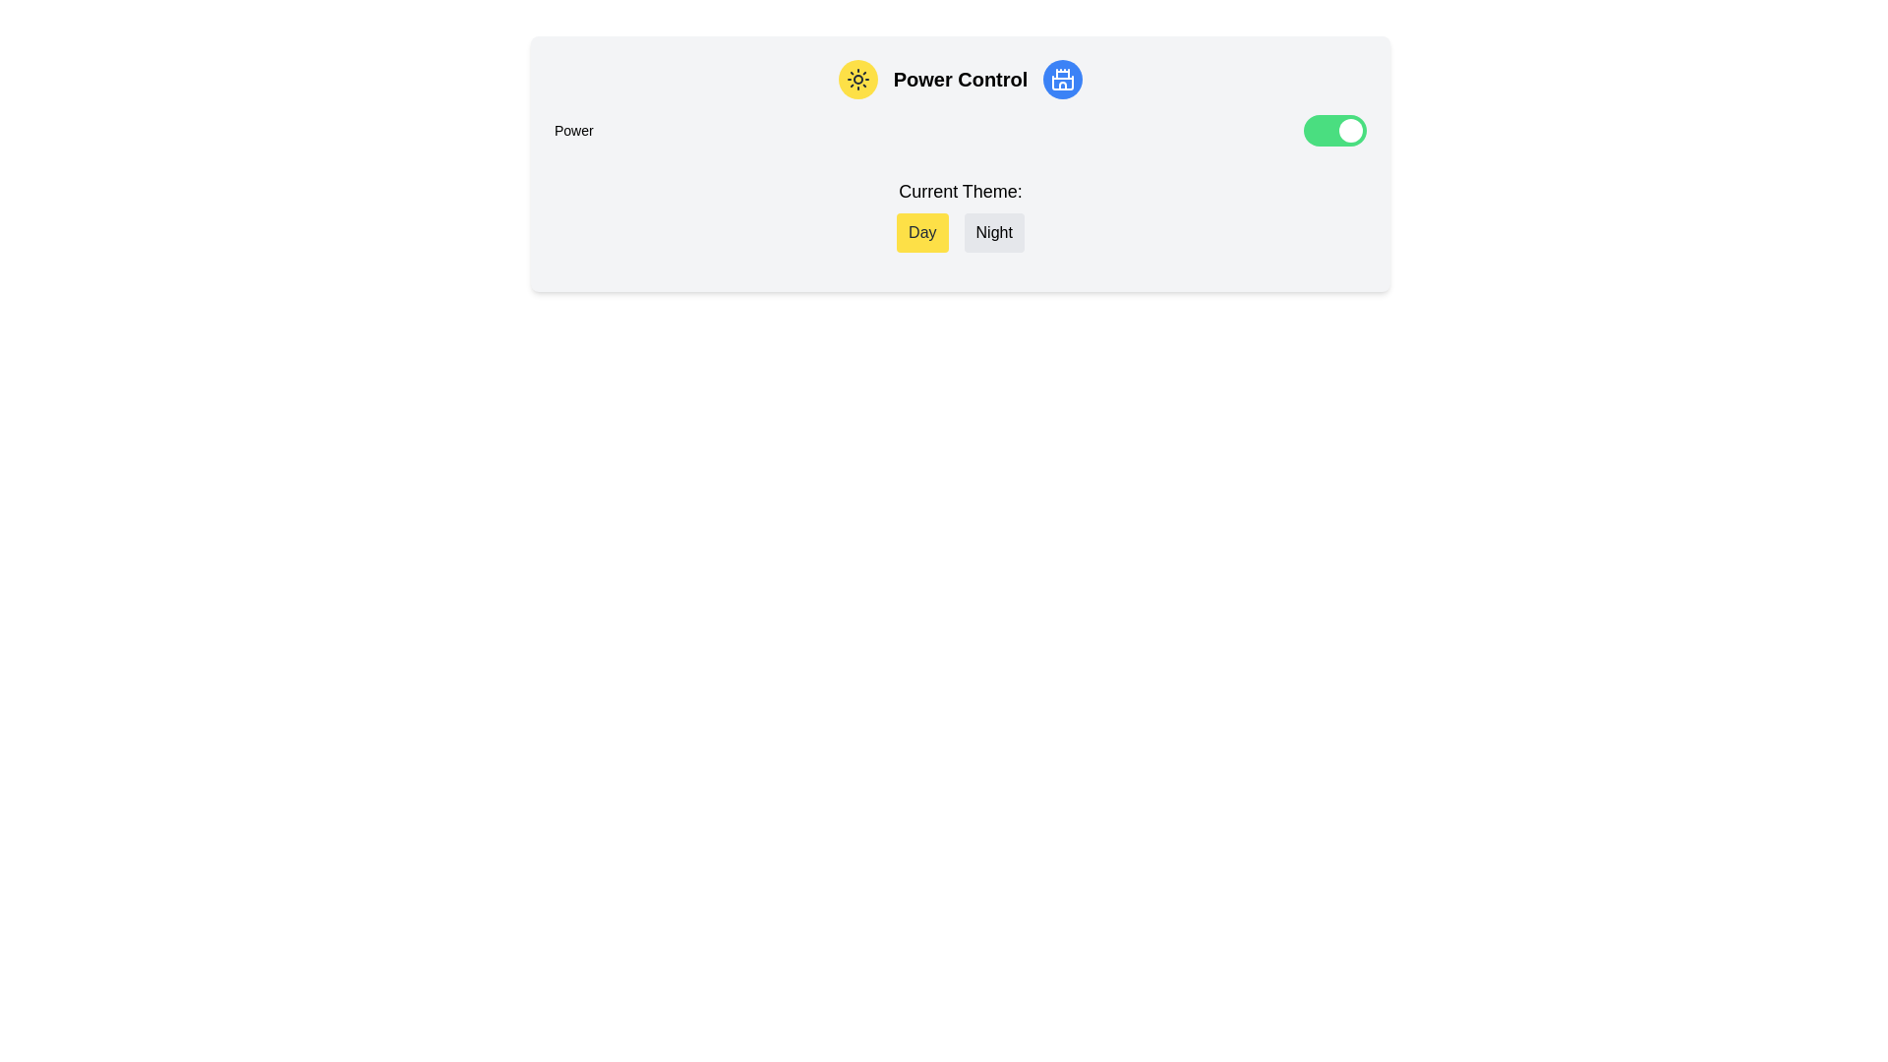  What do you see at coordinates (1335, 130) in the screenshot?
I see `the green toggle switch with a white circular knob located` at bounding box center [1335, 130].